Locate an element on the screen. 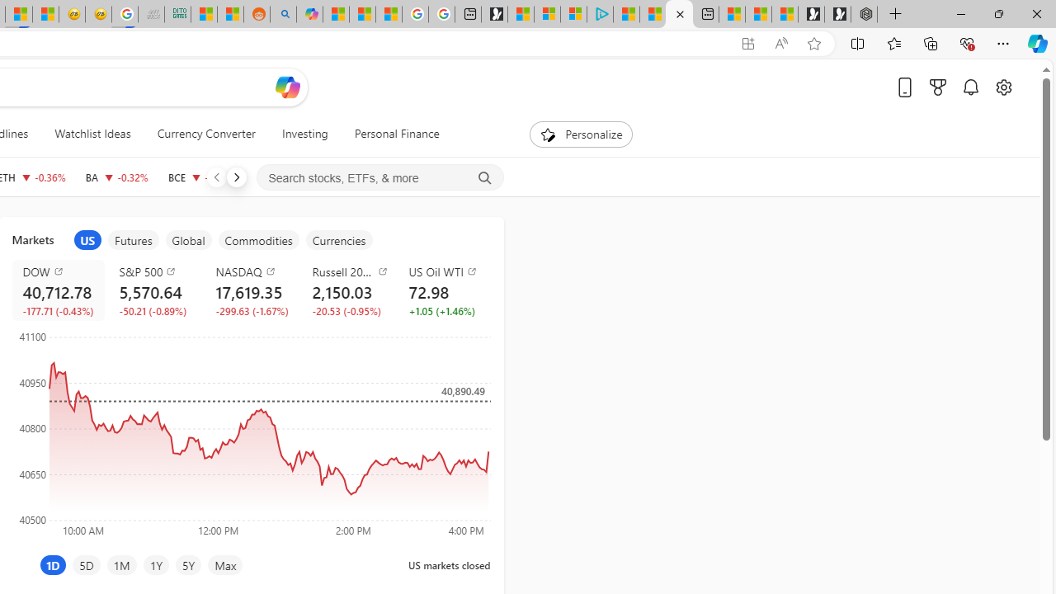  'NASDAQ COMP decrease 17,619.35 -299.63 -1.67%' is located at coordinates (250, 290).